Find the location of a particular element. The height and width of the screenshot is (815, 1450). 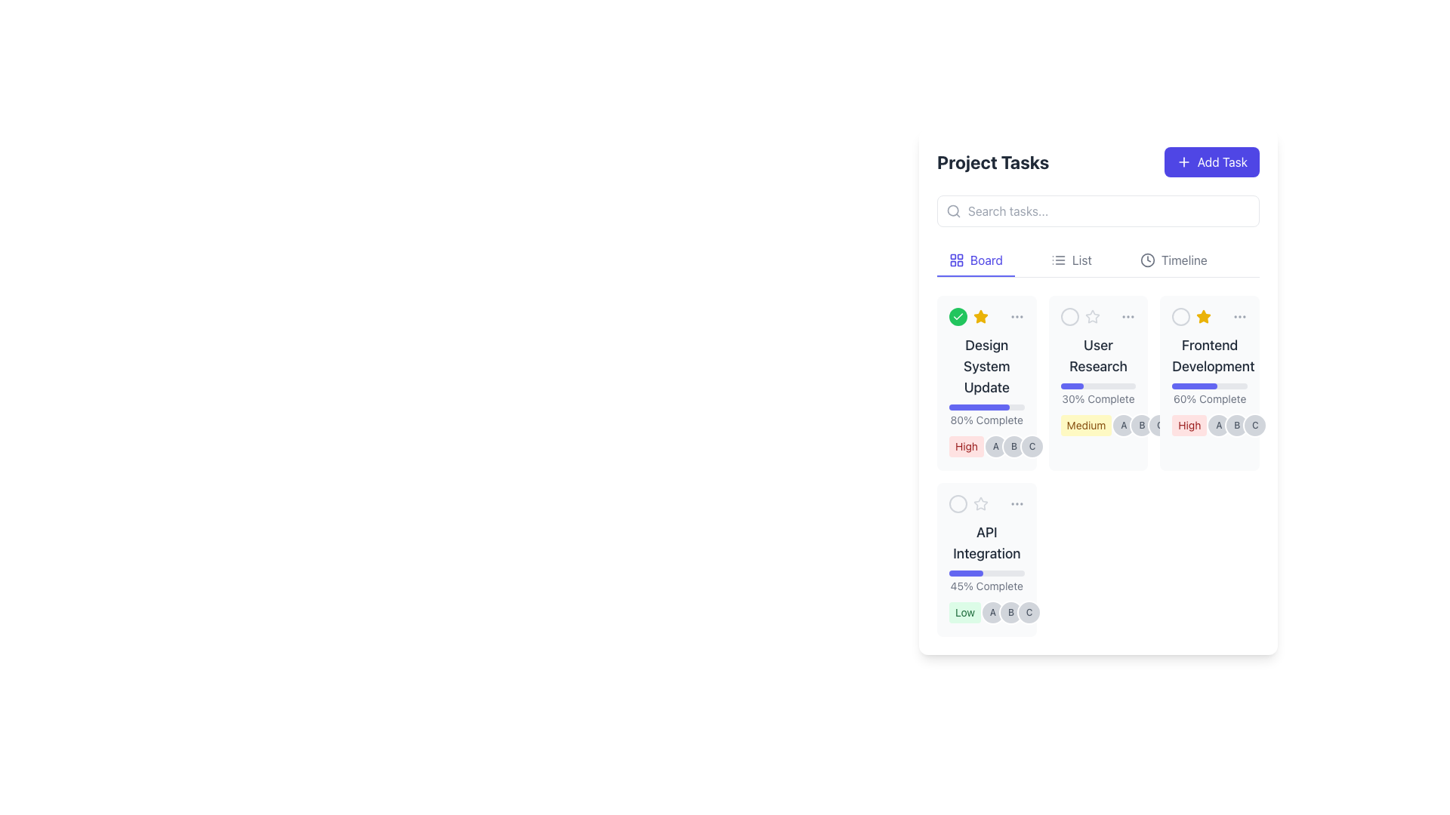

the static text label displaying '60% Complete' located below the progress bar in the 'Frontend Development' task card is located at coordinates (1210, 398).